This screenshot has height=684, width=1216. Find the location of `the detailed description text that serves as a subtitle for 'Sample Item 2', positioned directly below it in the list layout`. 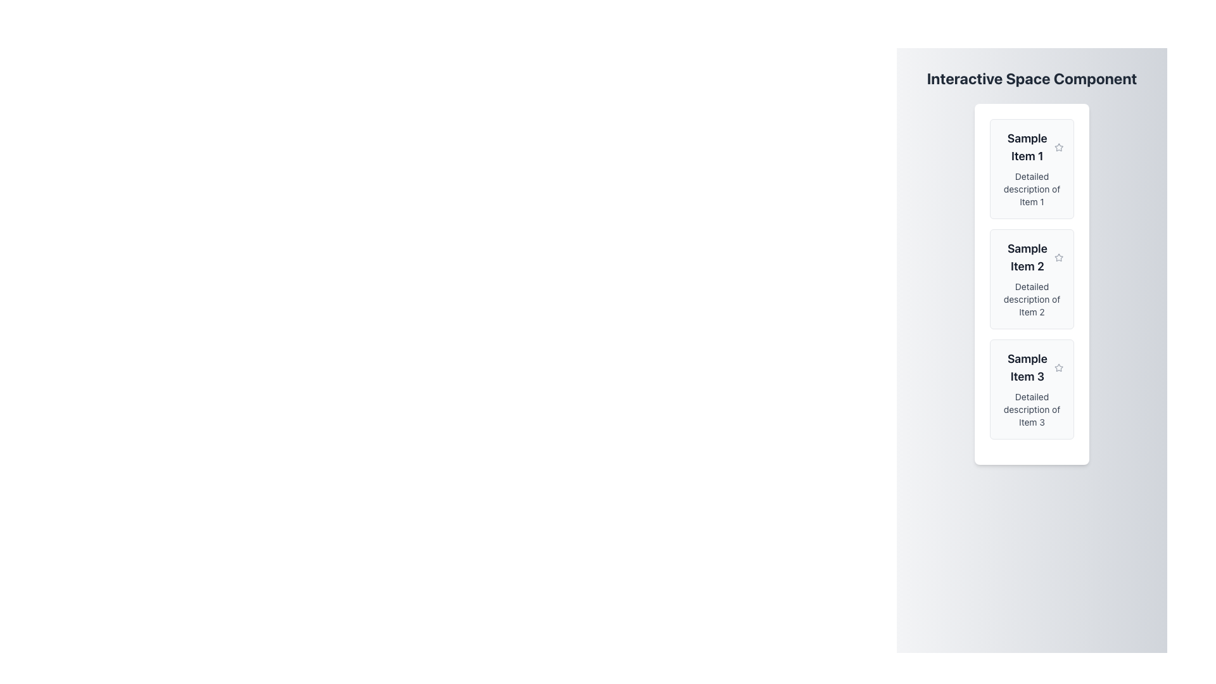

the detailed description text that serves as a subtitle for 'Sample Item 2', positioned directly below it in the list layout is located at coordinates (1032, 300).